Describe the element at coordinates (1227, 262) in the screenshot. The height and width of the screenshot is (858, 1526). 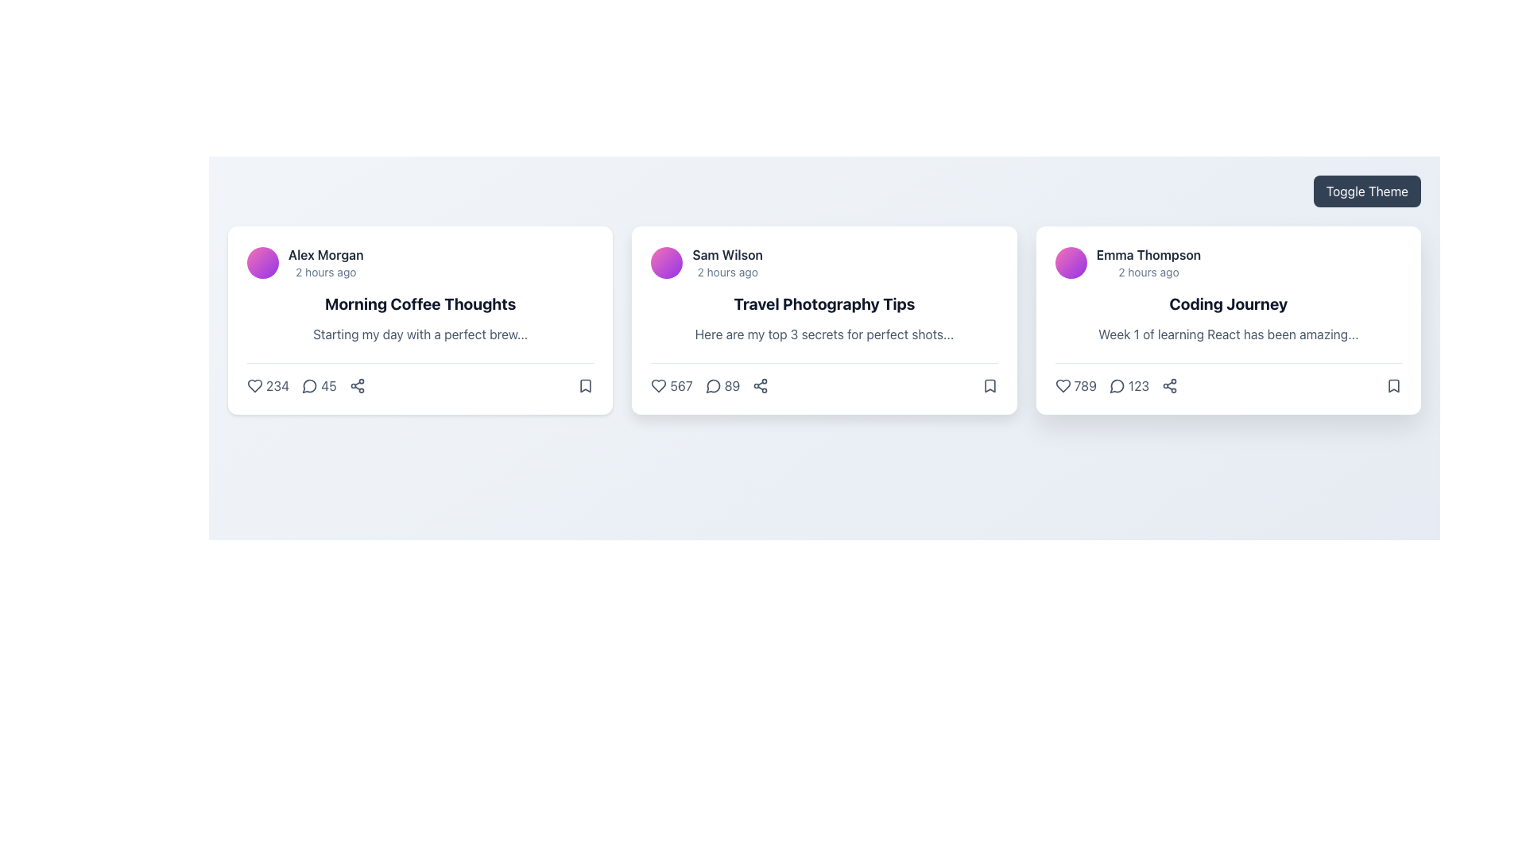
I see `the name 'Emma Thompson' in the top section of the third card` at that location.